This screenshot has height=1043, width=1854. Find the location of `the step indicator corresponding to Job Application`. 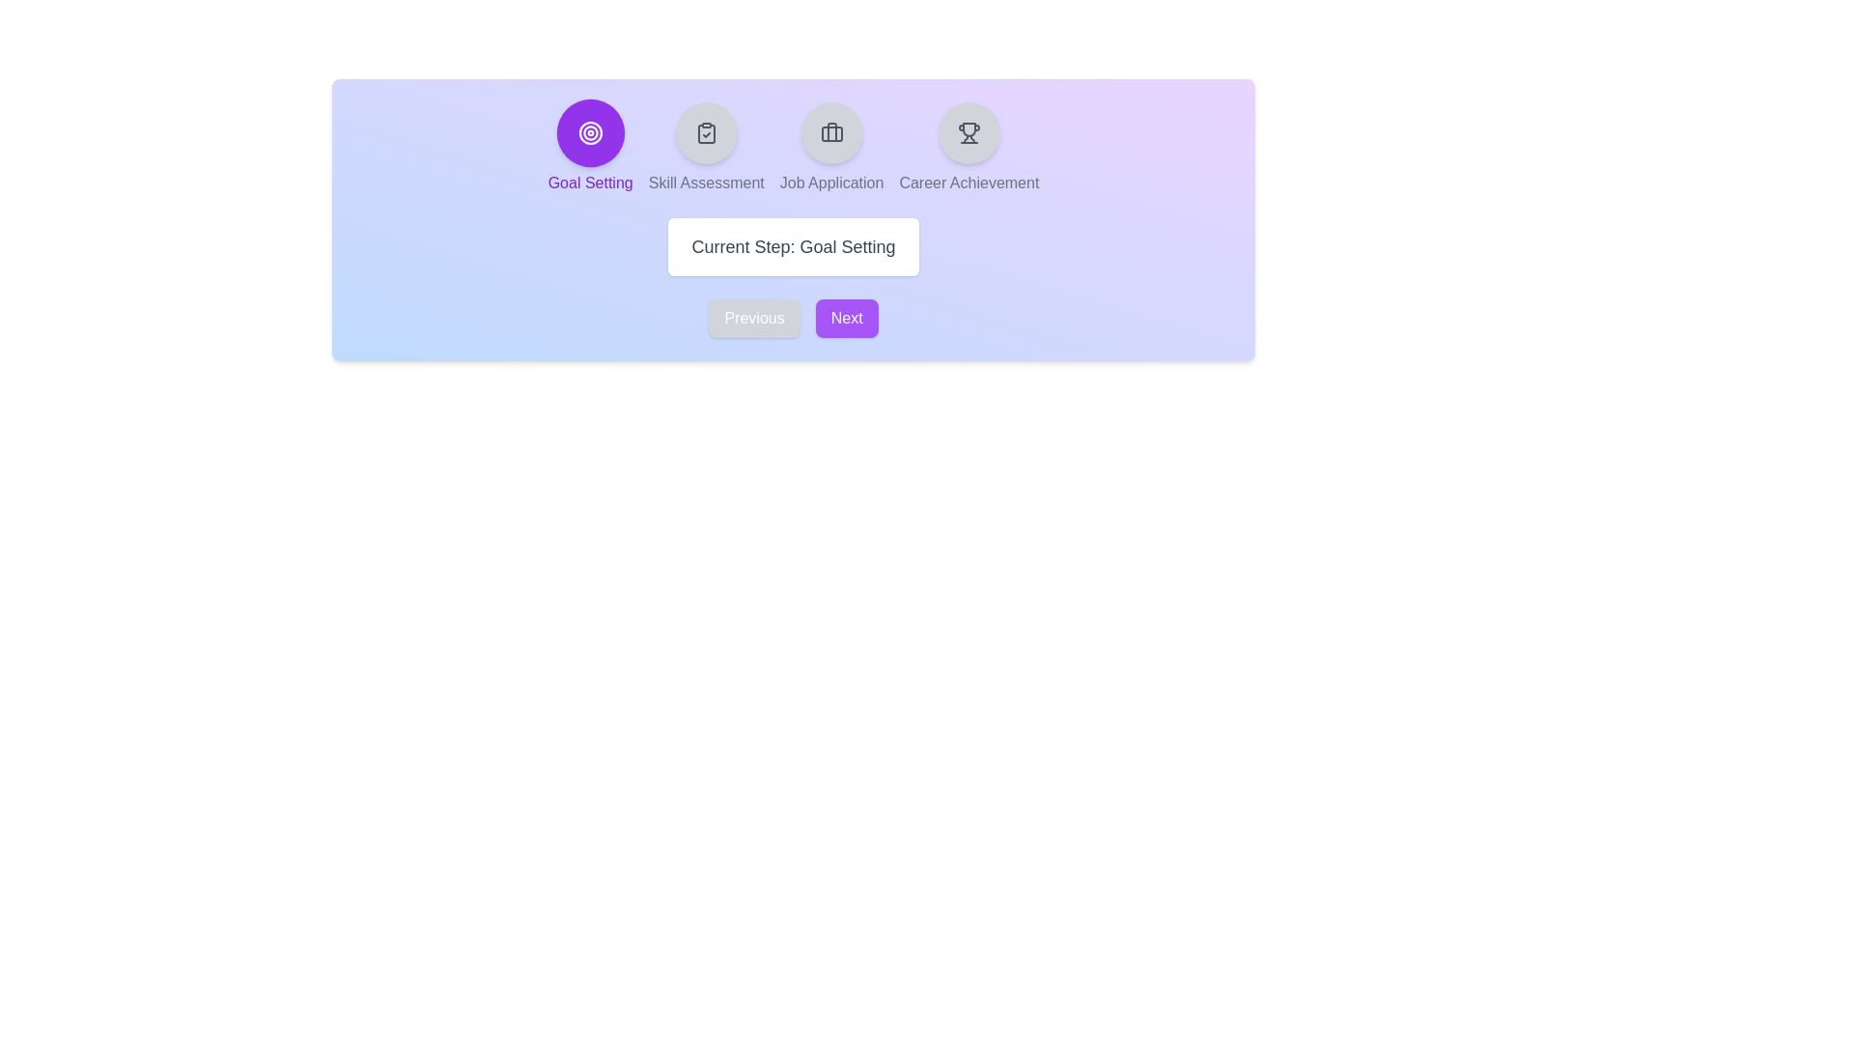

the step indicator corresponding to Job Application is located at coordinates (831, 132).